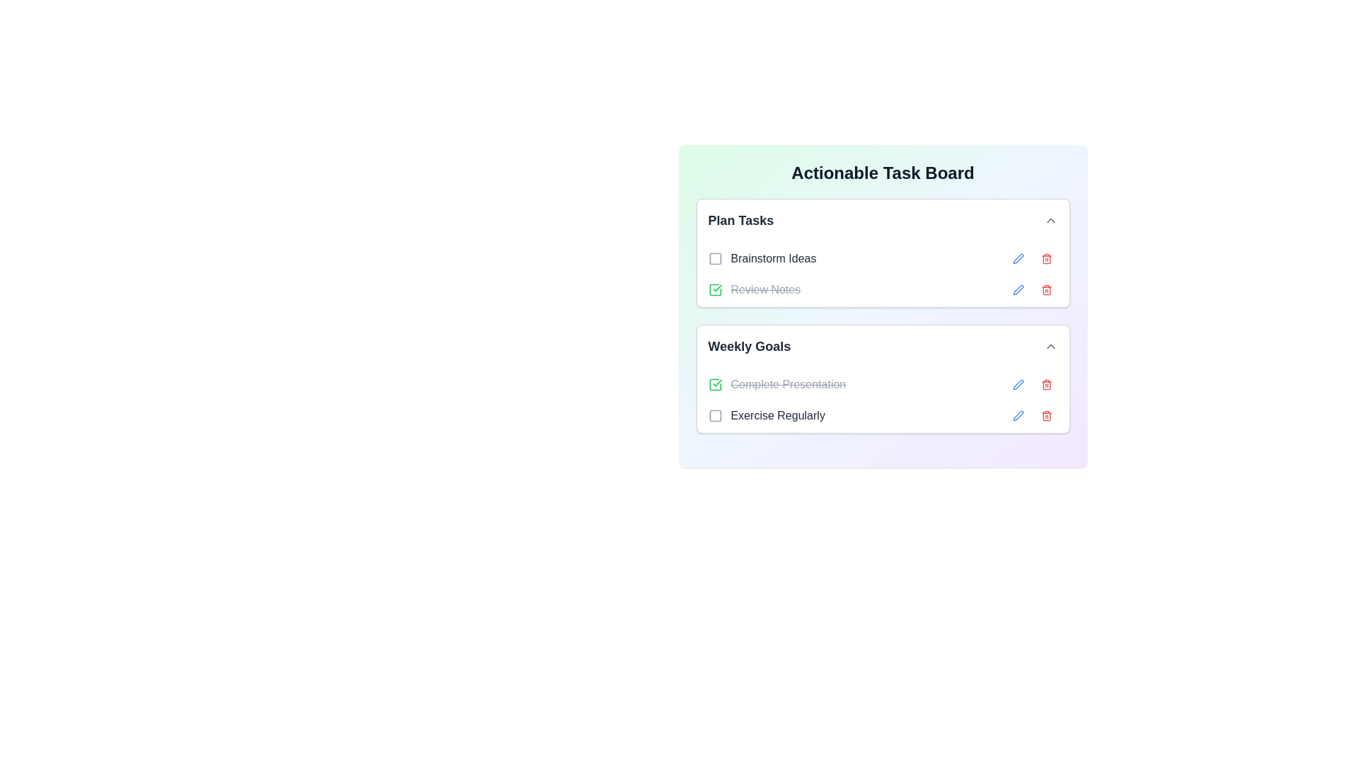 This screenshot has height=764, width=1359. What do you see at coordinates (715, 415) in the screenshot?
I see `the checkbox located at the beginning of the 'Exercise Regularly' task item in the 'Weekly Goals' section` at bounding box center [715, 415].